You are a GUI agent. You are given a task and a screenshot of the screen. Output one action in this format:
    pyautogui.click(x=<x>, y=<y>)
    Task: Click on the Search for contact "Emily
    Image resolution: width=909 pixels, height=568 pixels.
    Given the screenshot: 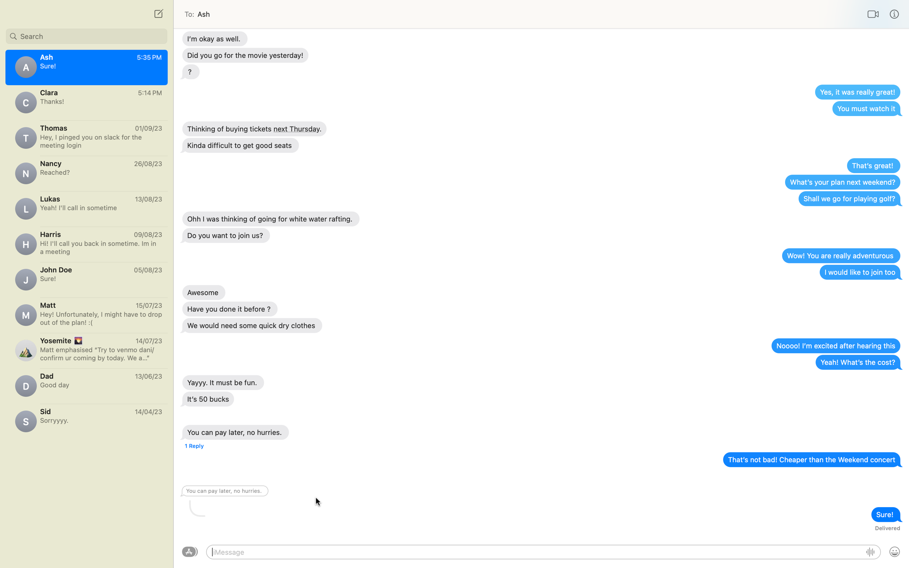 What is the action you would take?
    pyautogui.click(x=86, y=35)
    